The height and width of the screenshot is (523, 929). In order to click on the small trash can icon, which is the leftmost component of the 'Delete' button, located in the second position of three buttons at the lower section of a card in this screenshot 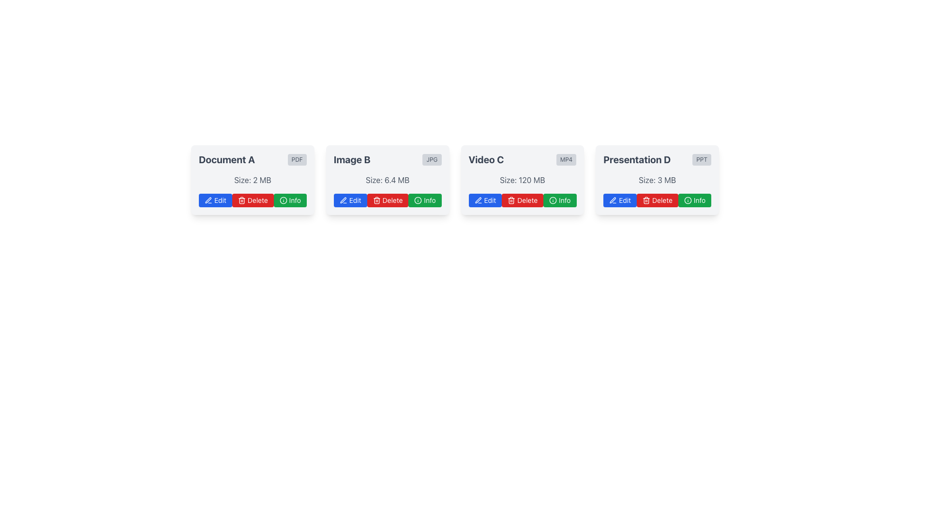, I will do `click(511, 200)`.